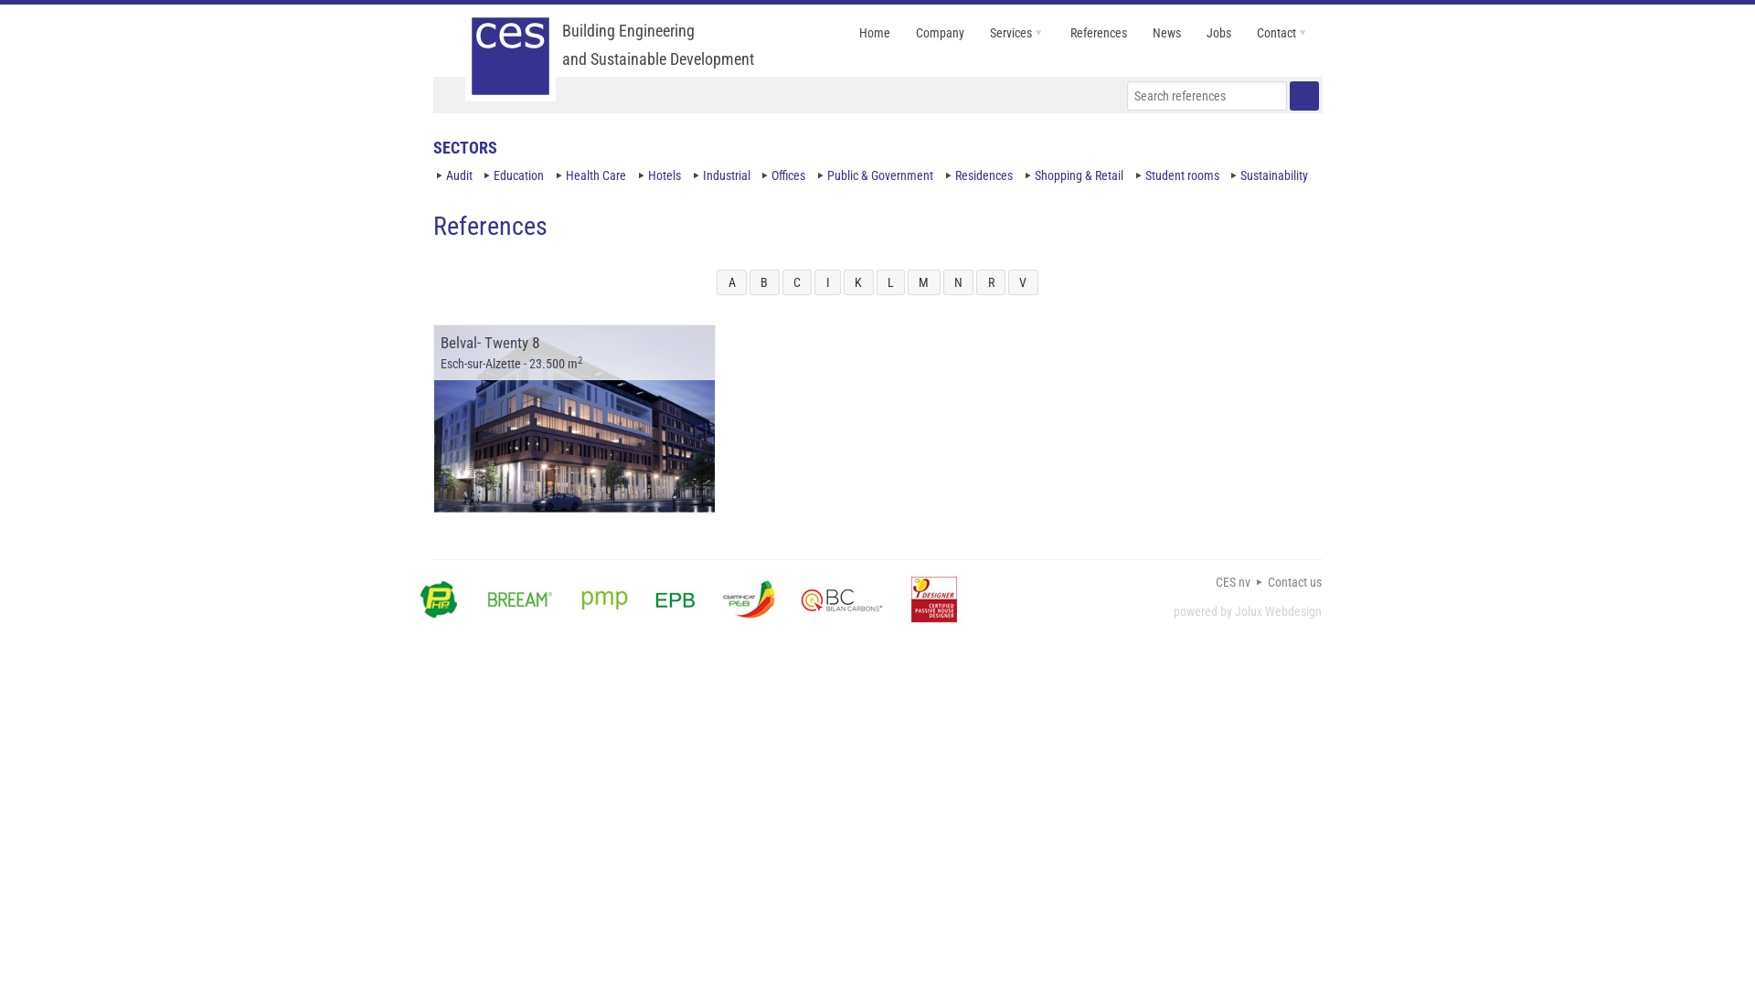 This screenshot has width=1755, height=987. I want to click on 'I', so click(826, 282).